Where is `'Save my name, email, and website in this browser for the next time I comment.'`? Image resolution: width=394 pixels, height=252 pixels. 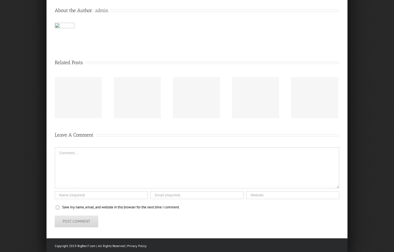 'Save my name, email, and website in this browser for the next time I comment.' is located at coordinates (121, 207).